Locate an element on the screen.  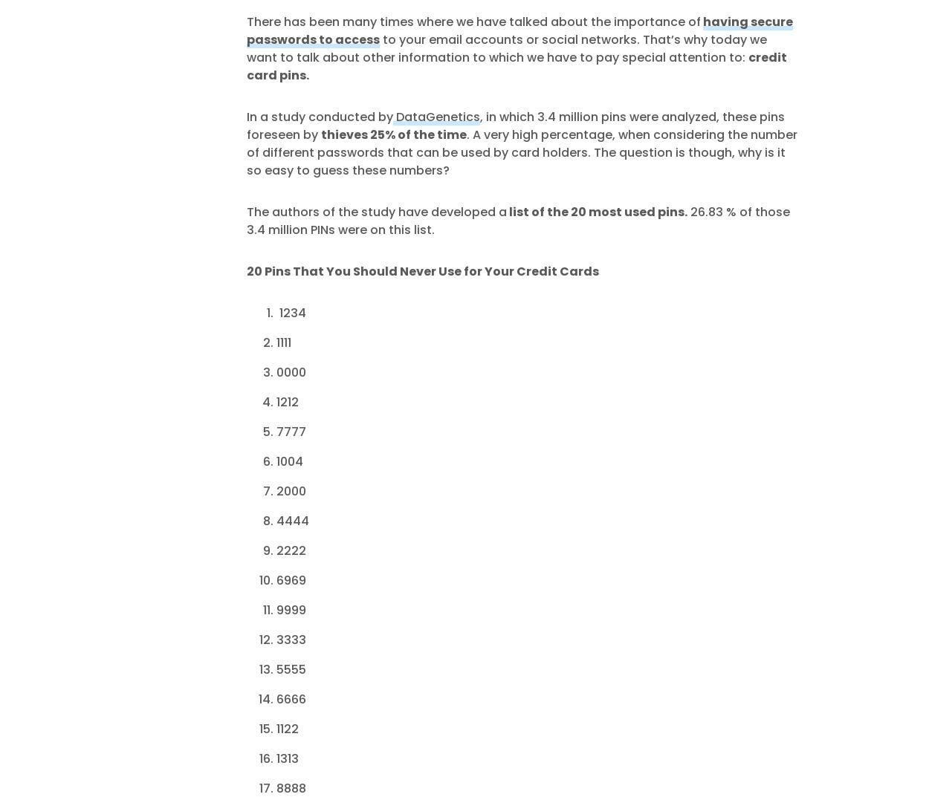
'There has been many times where we have talked about the importance of' is located at coordinates (473, 20).